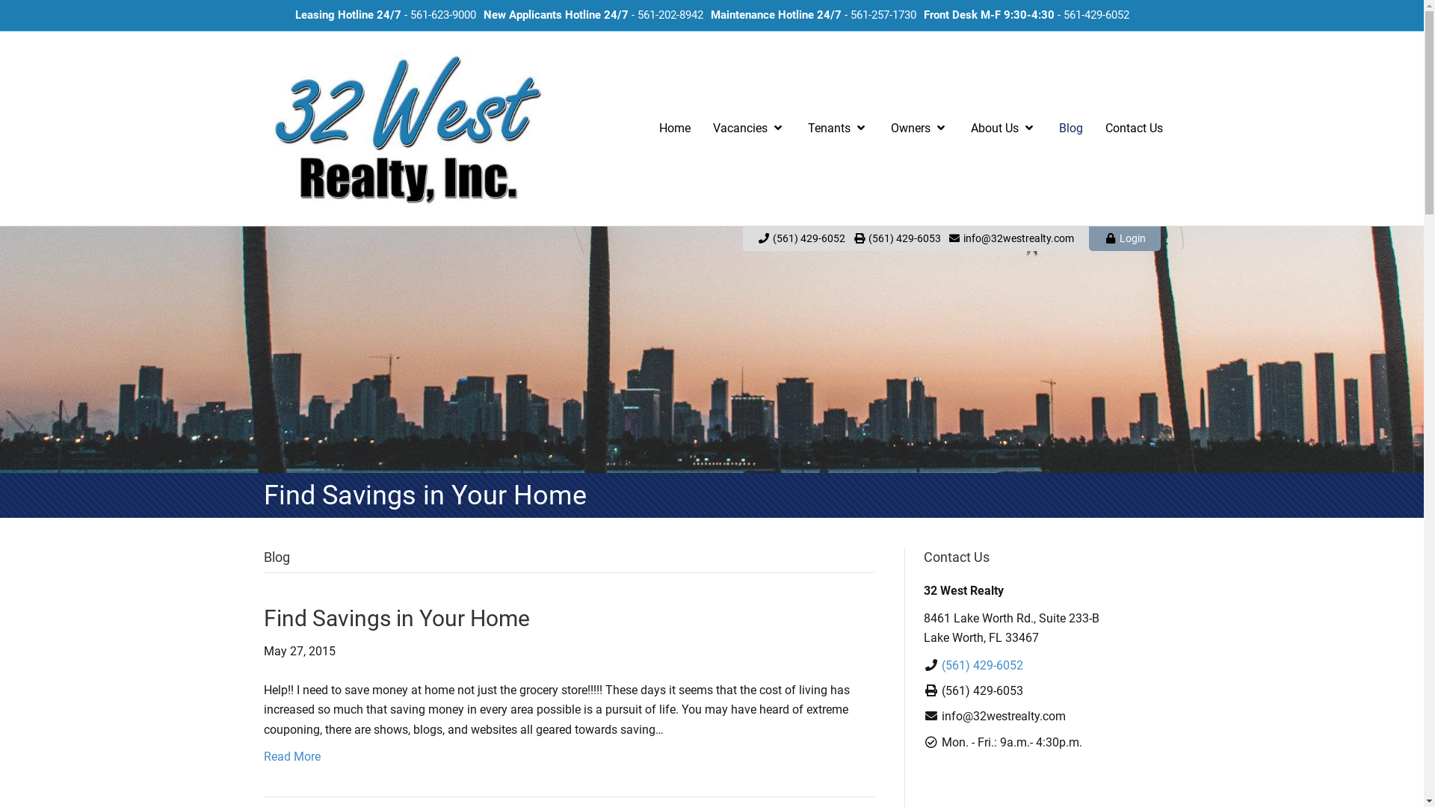 This screenshot has height=807, width=1435. What do you see at coordinates (1061, 14) in the screenshot?
I see `'561-429-6052'` at bounding box center [1061, 14].